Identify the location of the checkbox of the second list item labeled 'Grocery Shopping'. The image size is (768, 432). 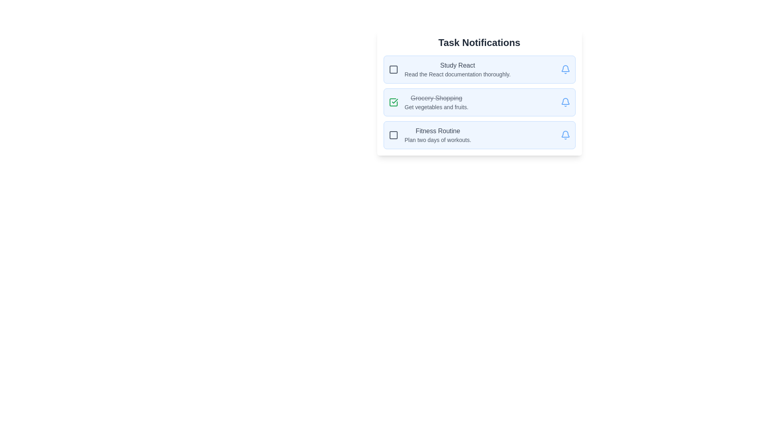
(428, 102).